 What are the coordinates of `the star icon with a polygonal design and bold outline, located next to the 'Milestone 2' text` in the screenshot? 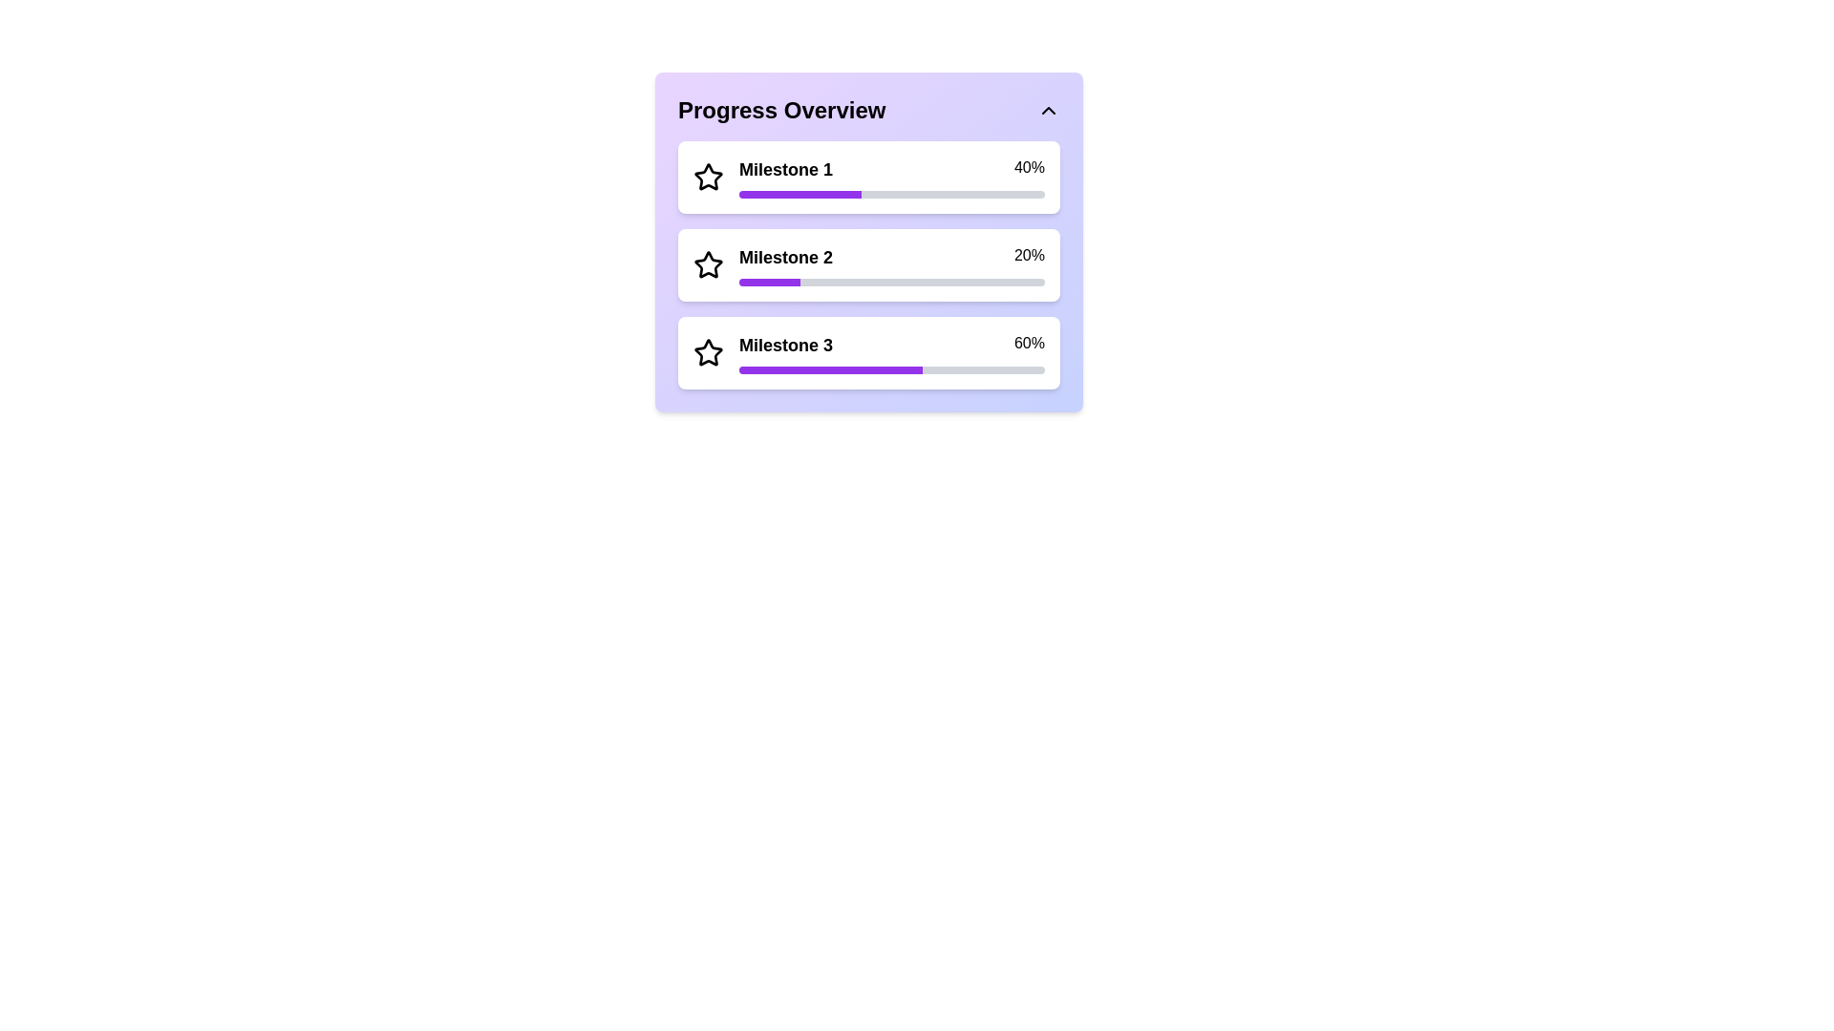 It's located at (708, 264).